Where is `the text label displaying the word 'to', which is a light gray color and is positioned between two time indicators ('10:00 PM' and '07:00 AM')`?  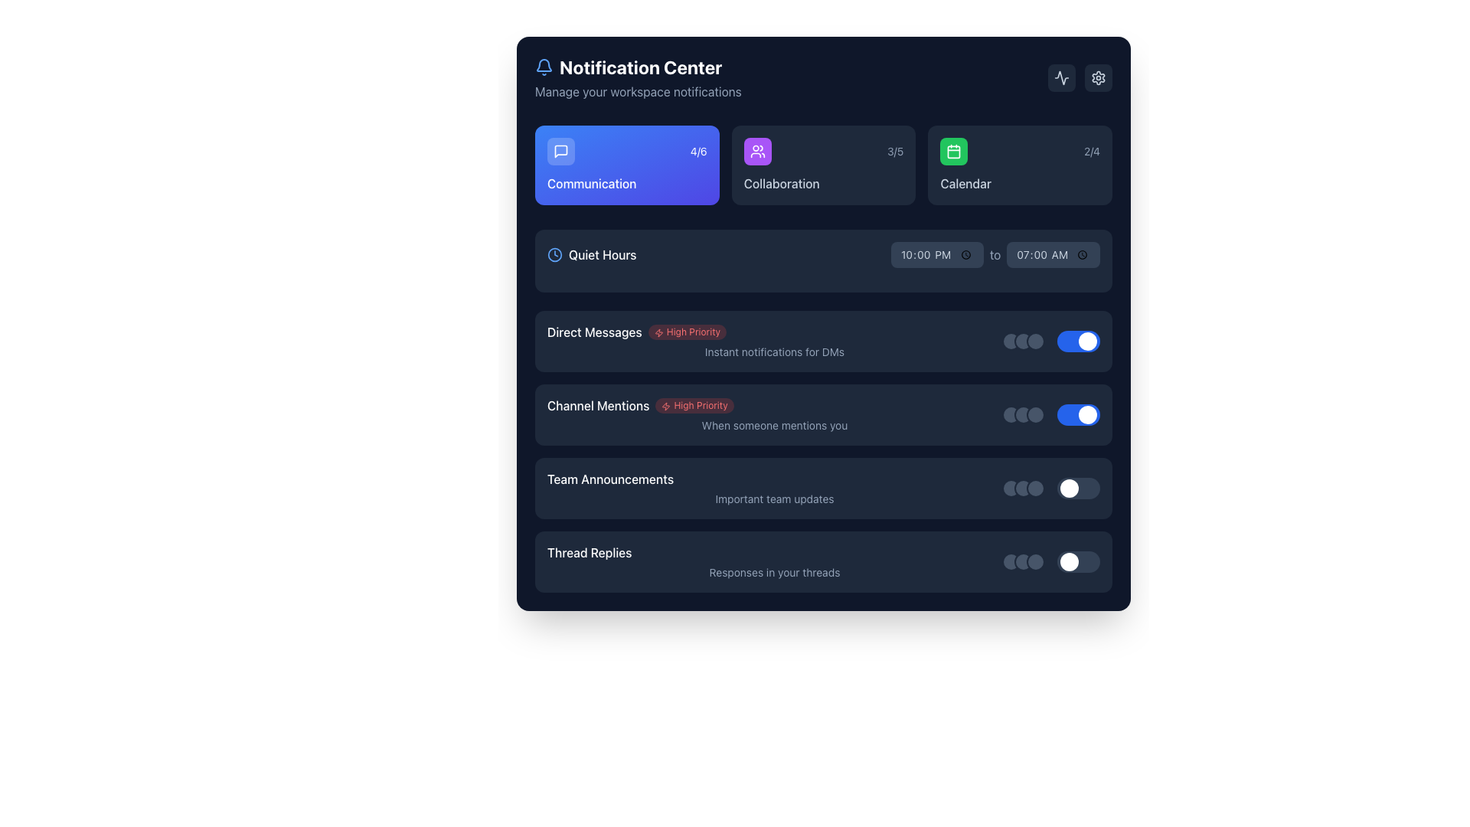 the text label displaying the word 'to', which is a light gray color and is positioned between two time indicators ('10:00 PM' and '07:00 AM') is located at coordinates (995, 253).